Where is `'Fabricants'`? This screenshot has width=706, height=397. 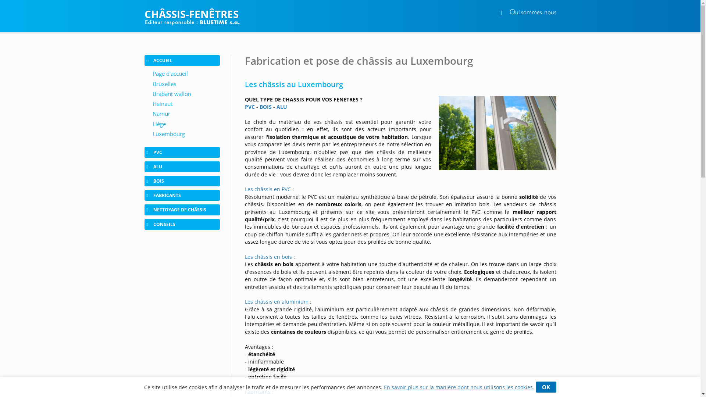
'Fabricants' is located at coordinates (257, 391).